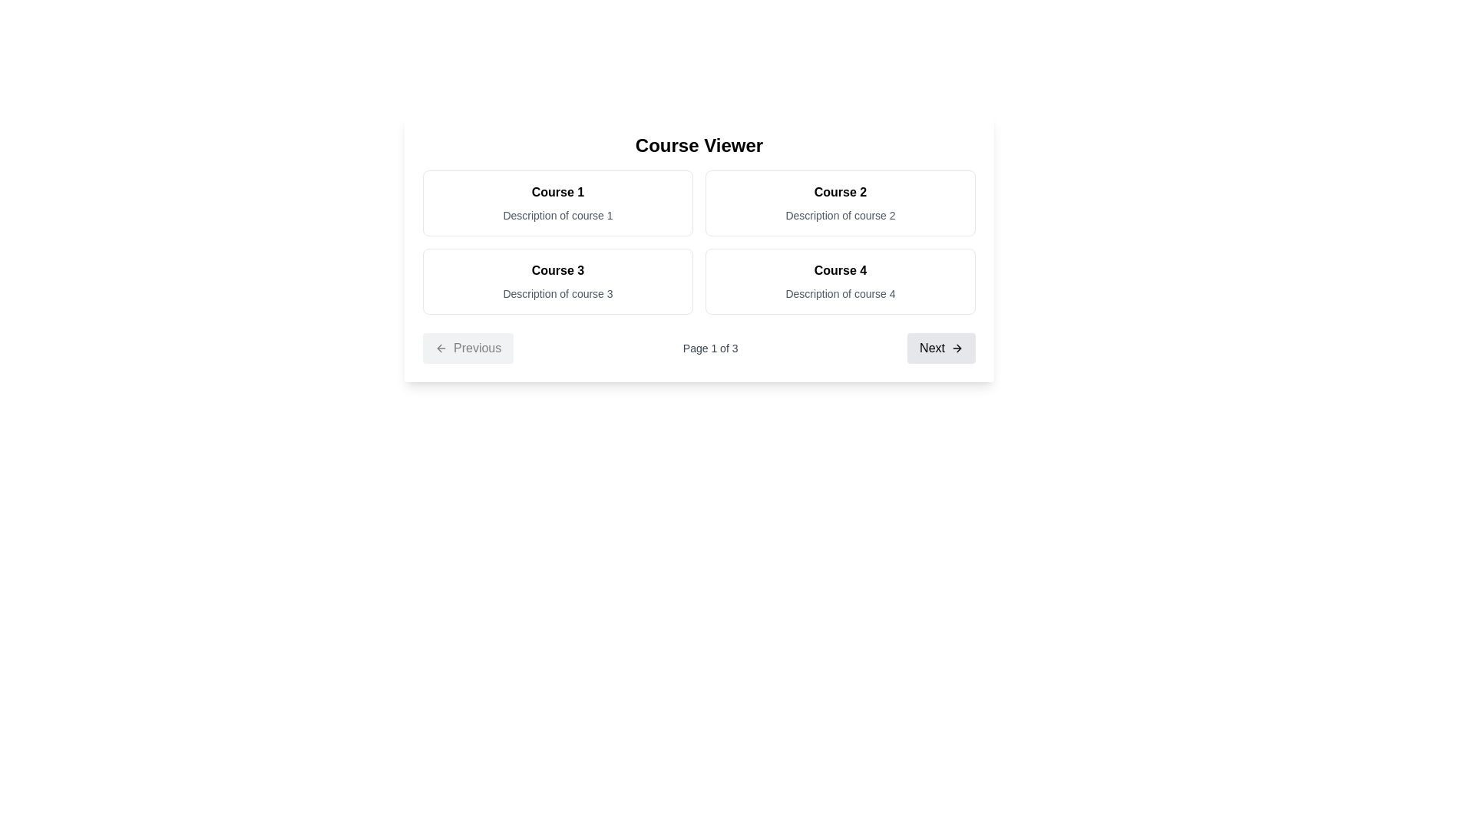 The image size is (1474, 829). What do you see at coordinates (940, 348) in the screenshot?
I see `the 'Next' button, which is a rectangular button with a light gray background and rounded corners, located in the lower right corner of the layout` at bounding box center [940, 348].